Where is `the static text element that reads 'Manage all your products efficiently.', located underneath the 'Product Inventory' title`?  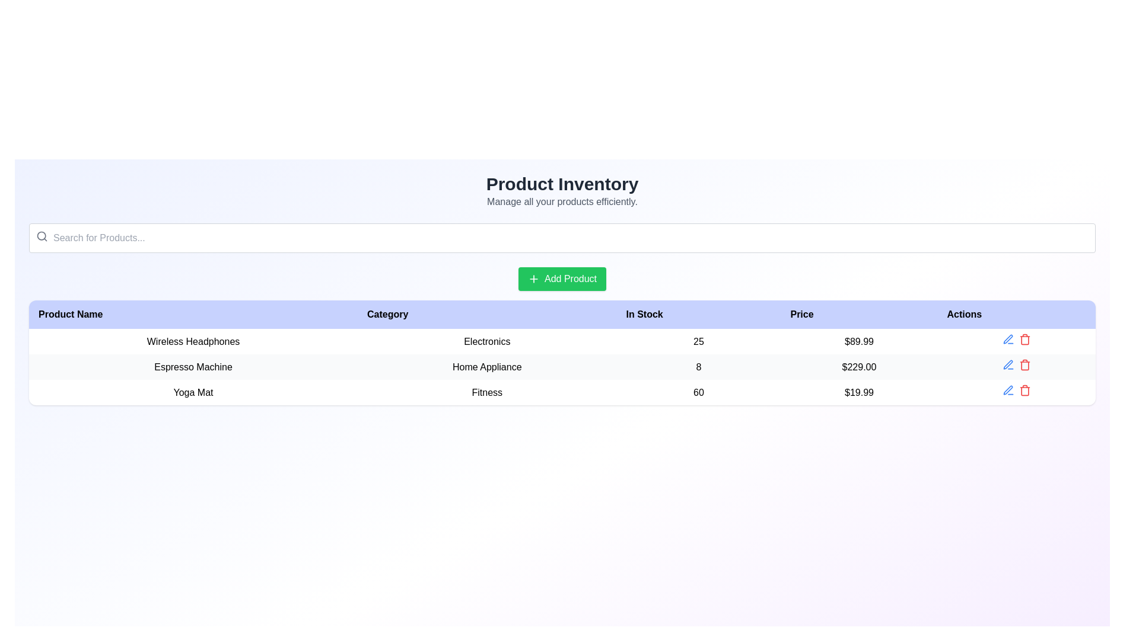
the static text element that reads 'Manage all your products efficiently.', located underneath the 'Product Inventory' title is located at coordinates (562, 201).